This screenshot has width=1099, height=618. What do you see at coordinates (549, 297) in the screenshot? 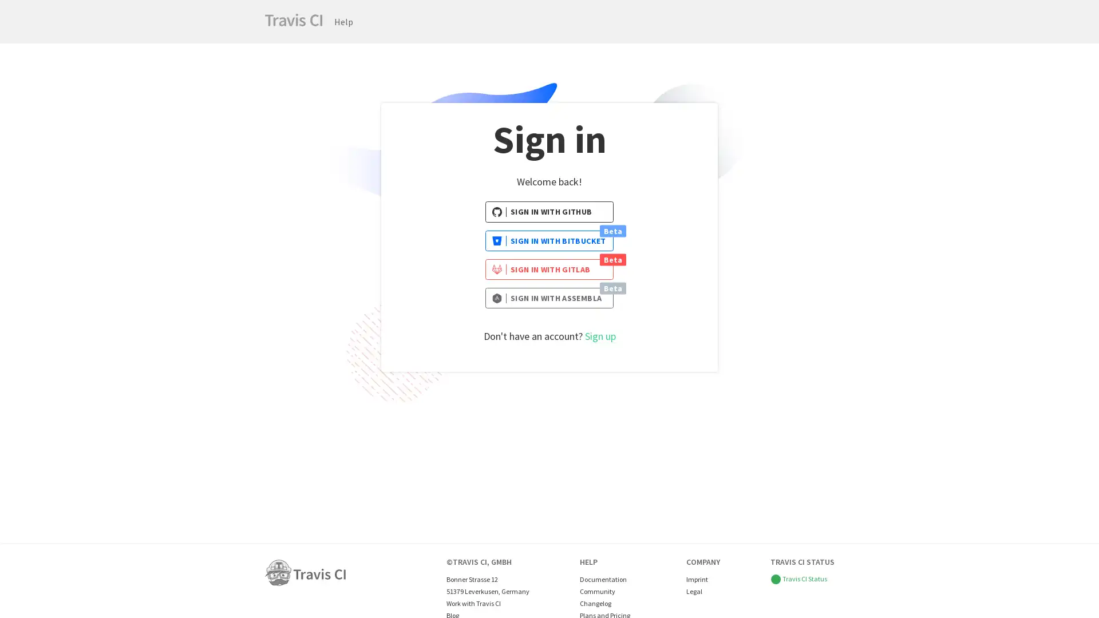
I see `SIGN IN WITH ASSEMBLA Beta` at bounding box center [549, 297].